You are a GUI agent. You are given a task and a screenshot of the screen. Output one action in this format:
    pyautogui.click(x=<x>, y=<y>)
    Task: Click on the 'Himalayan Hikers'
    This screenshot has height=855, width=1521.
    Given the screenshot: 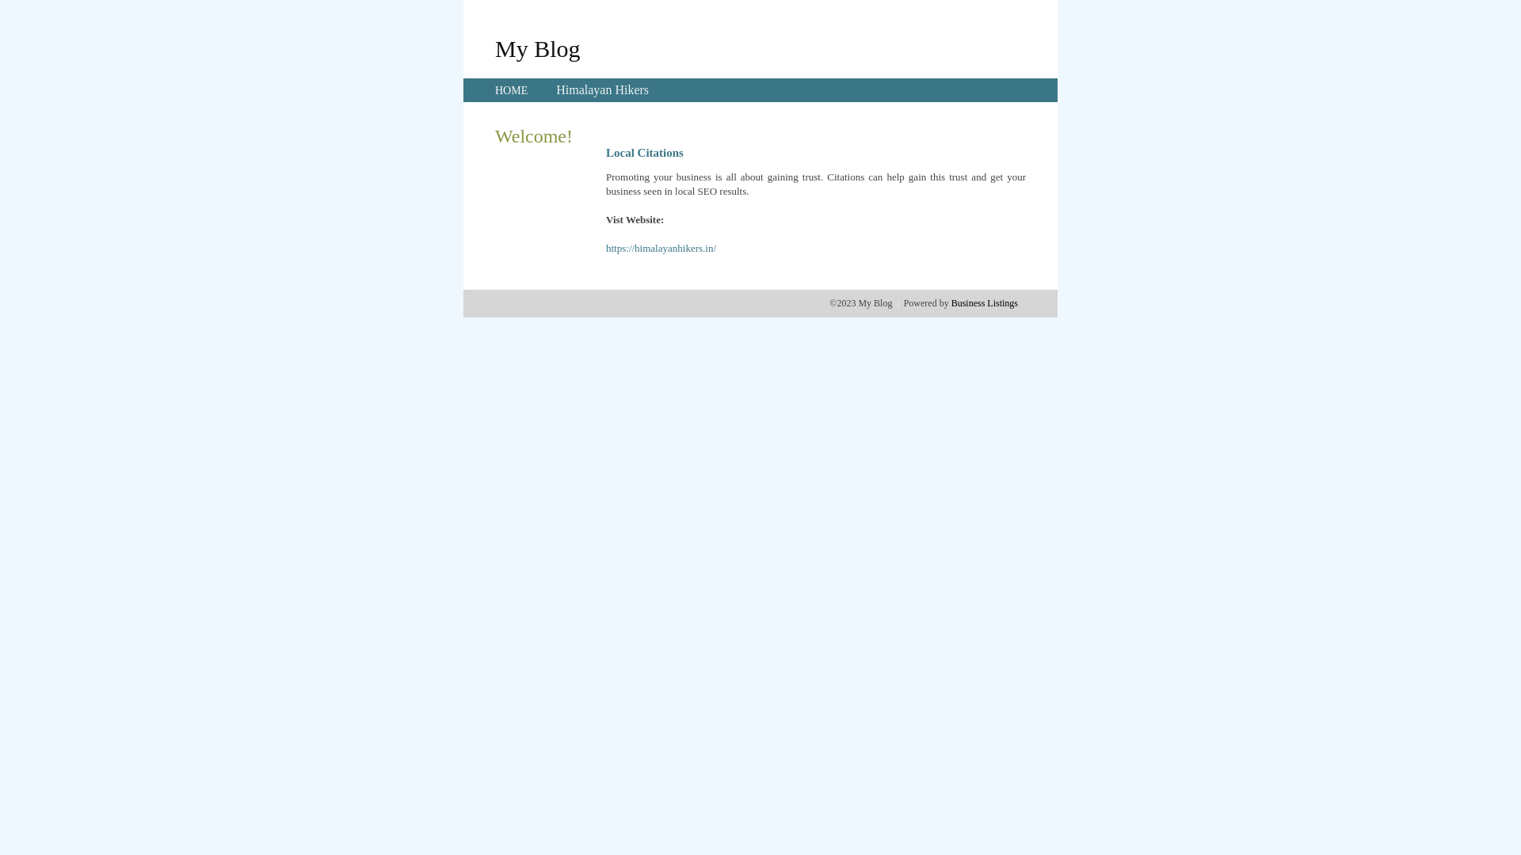 What is the action you would take?
    pyautogui.click(x=601, y=89)
    